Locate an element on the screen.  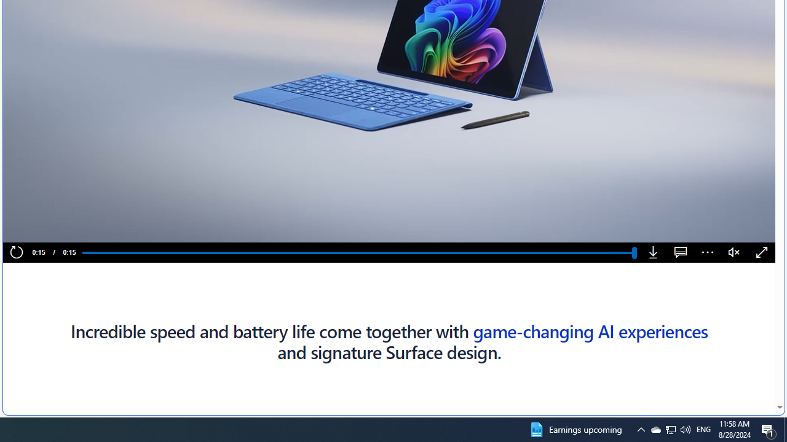
'Unmute' is located at coordinates (734, 252).